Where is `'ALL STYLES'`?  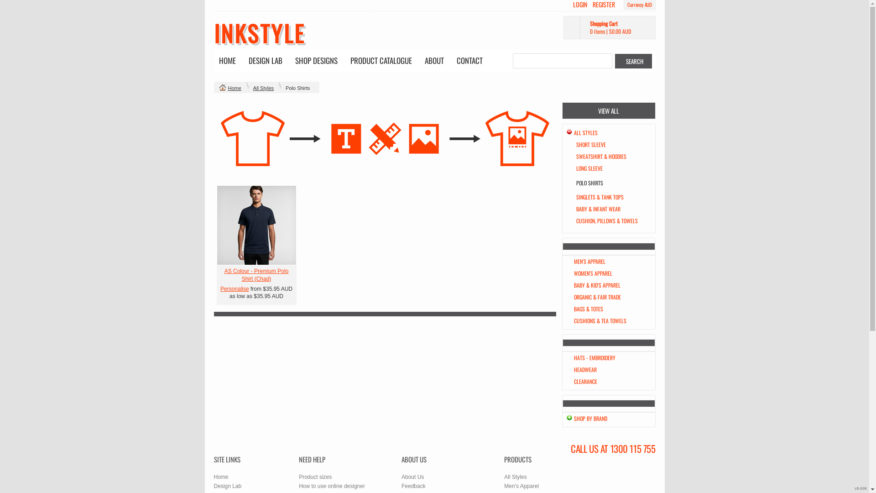 'ALL STYLES' is located at coordinates (585, 132).